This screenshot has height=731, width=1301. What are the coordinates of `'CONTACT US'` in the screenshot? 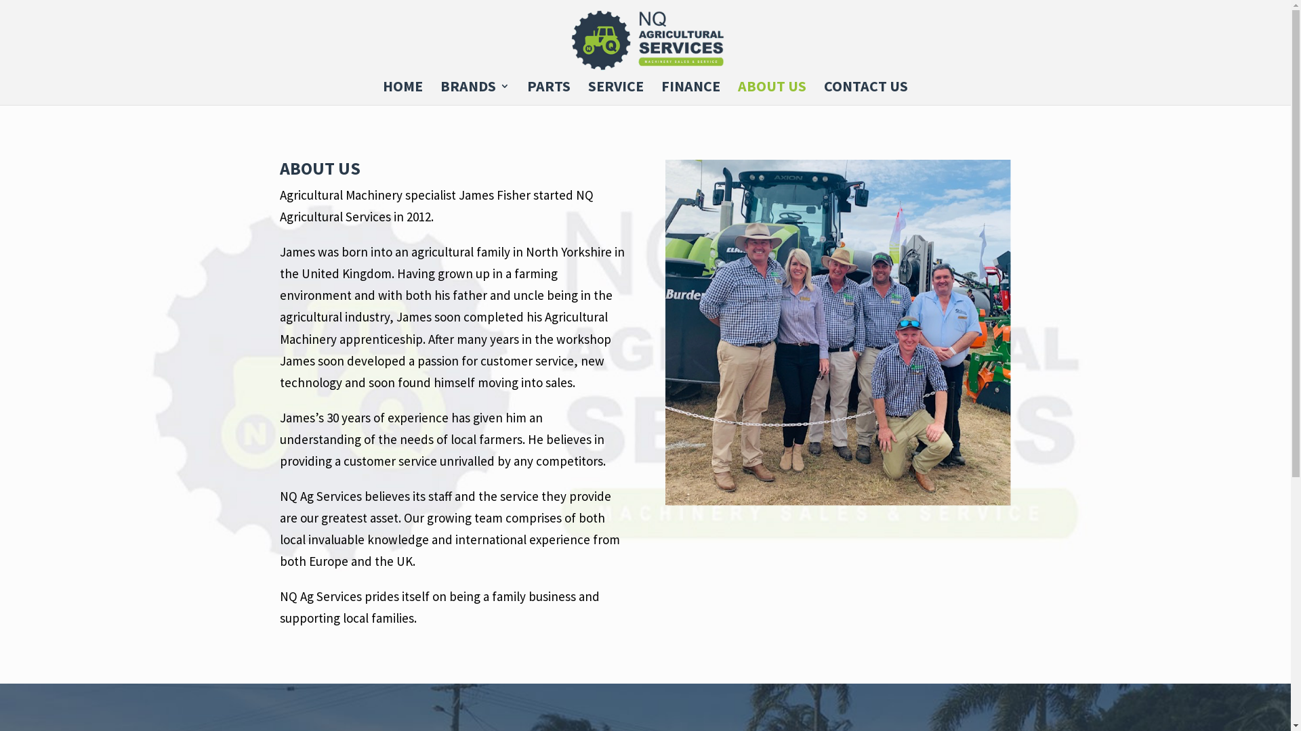 It's located at (823, 92).